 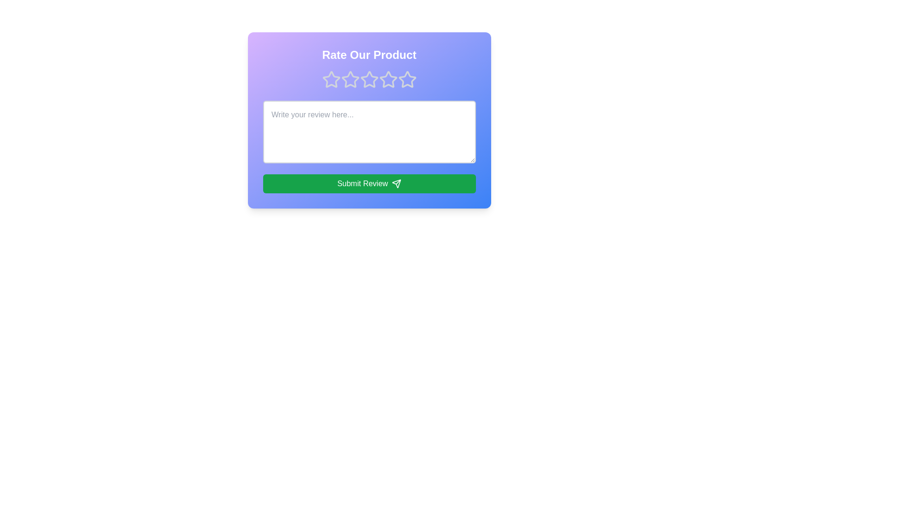 I want to click on the fifth hollow star-shaped icon in light gray to rate it, located above the text input field, so click(x=407, y=79).